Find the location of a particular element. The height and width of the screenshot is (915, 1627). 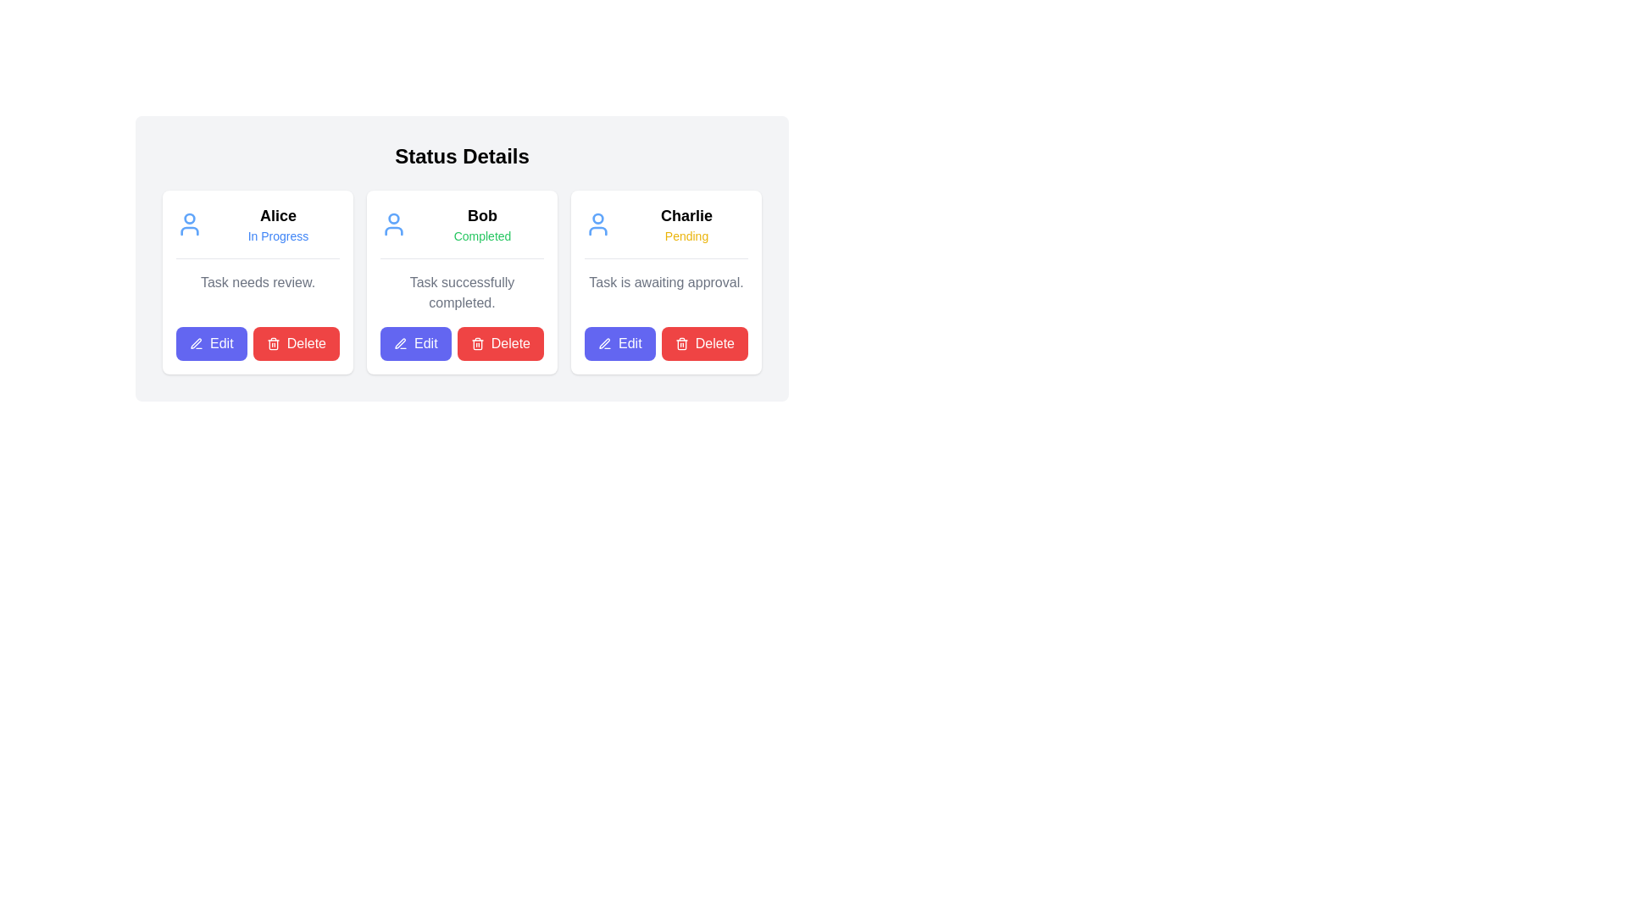

the edit button located at the bottom of the 'Charlie - Pending' card is located at coordinates (619, 343).